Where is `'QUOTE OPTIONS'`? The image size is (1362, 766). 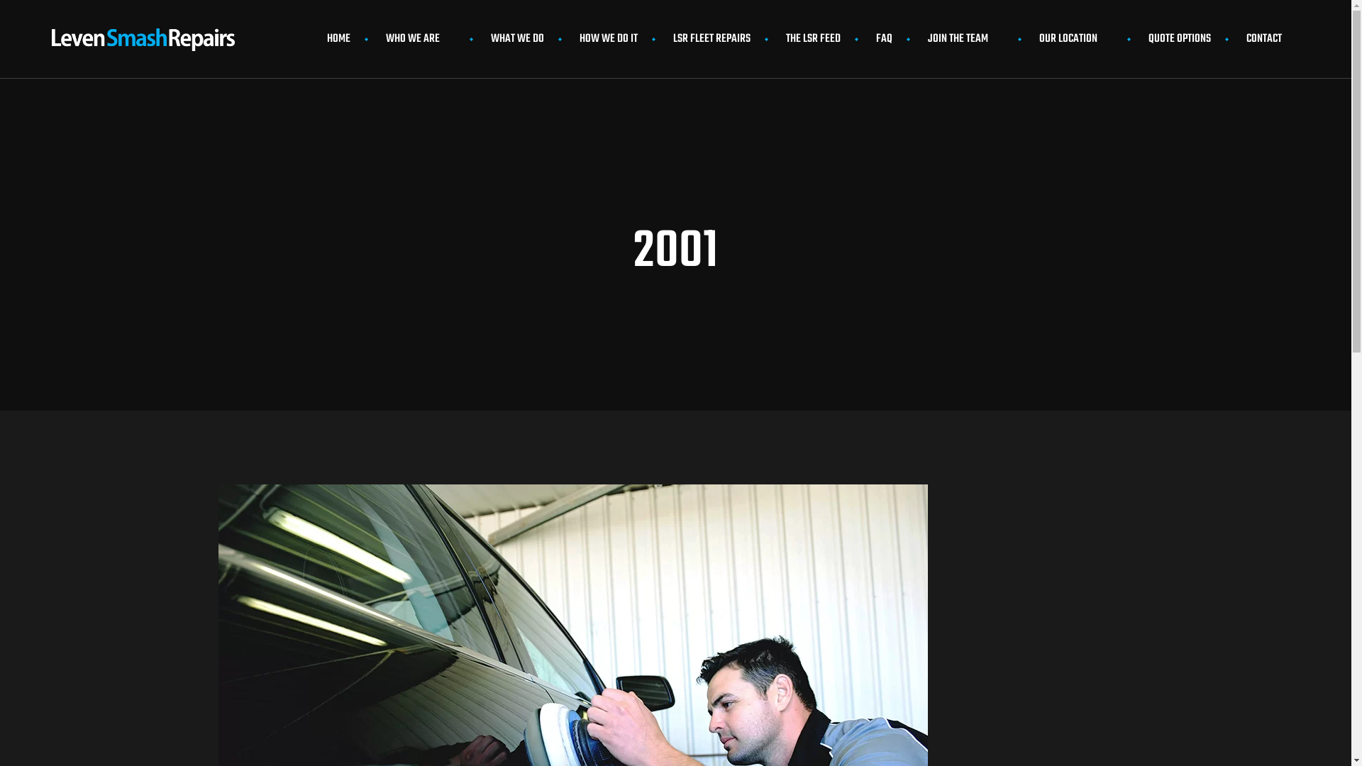
'QUOTE OPTIONS' is located at coordinates (1179, 38).